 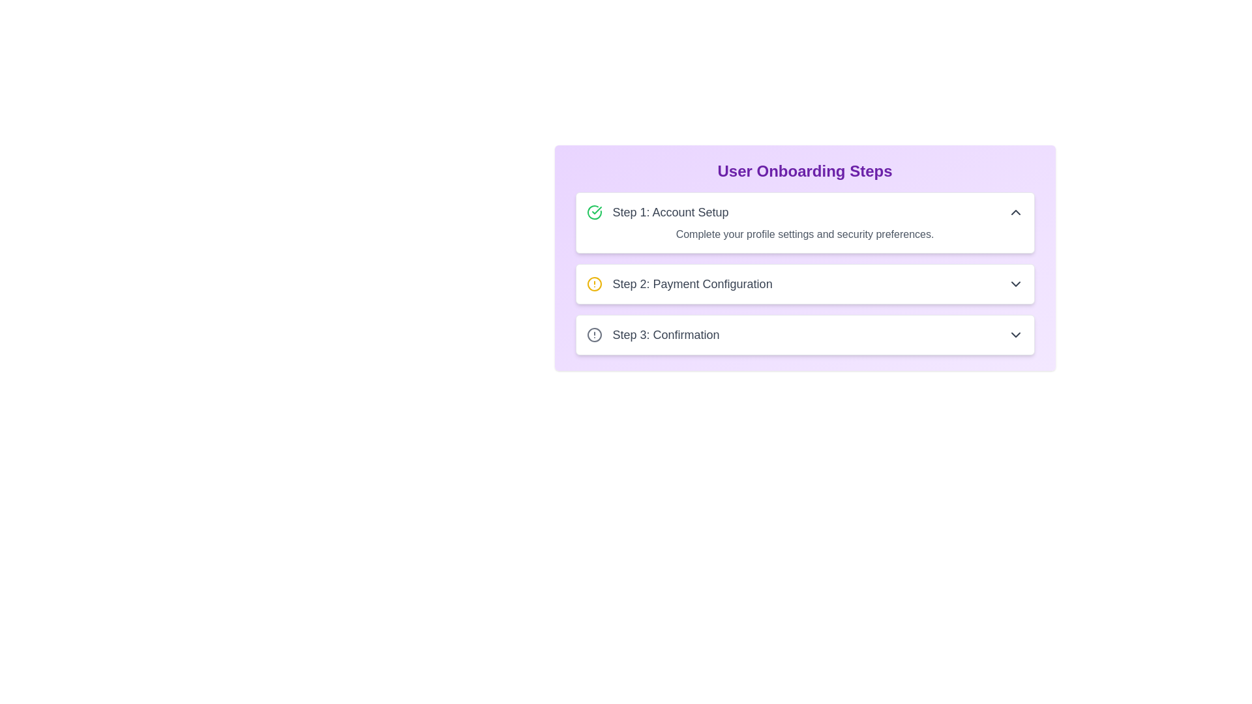 I want to click on the 'Payment Configuration' step in the onboarding process, which is the second item in the vertical list located centrally on a purple background, so click(x=678, y=283).